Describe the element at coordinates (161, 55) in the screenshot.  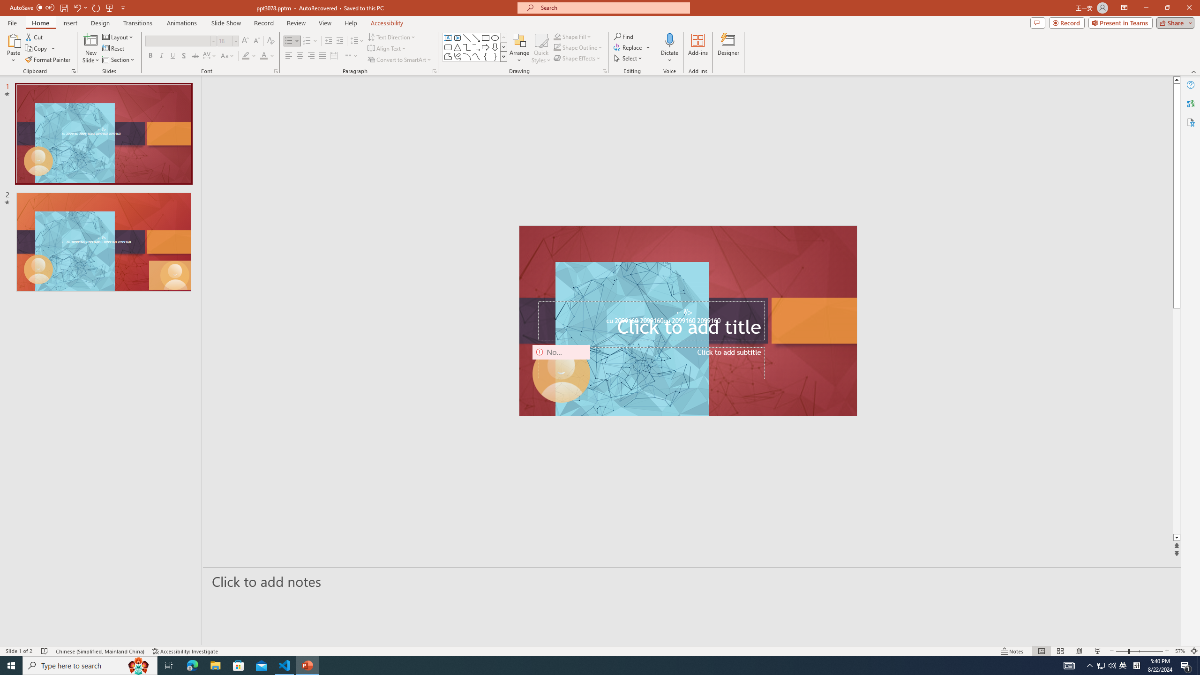
I see `'Italic'` at that location.